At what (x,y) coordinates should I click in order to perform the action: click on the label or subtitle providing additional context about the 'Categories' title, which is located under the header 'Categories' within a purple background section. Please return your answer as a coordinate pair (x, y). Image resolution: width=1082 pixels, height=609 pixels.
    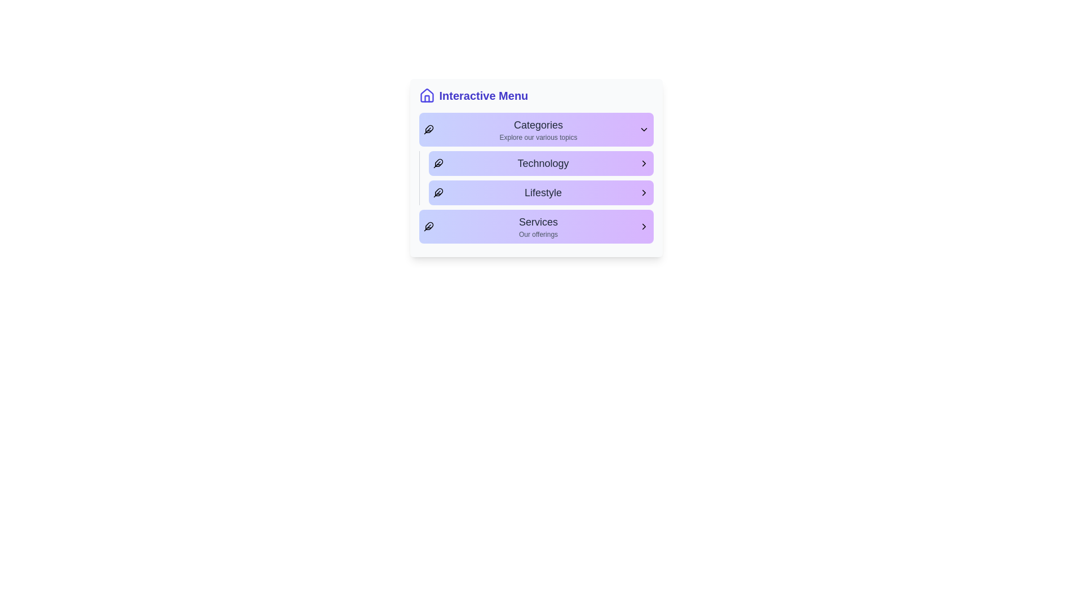
    Looking at the image, I should click on (538, 136).